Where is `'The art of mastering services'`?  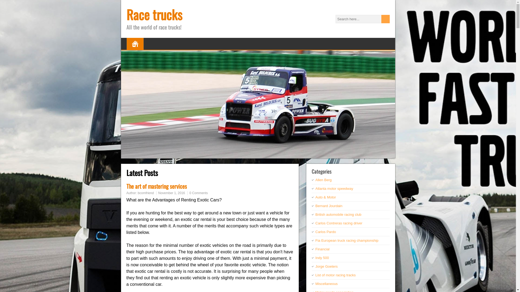 'The art of mastering services' is located at coordinates (156, 186).